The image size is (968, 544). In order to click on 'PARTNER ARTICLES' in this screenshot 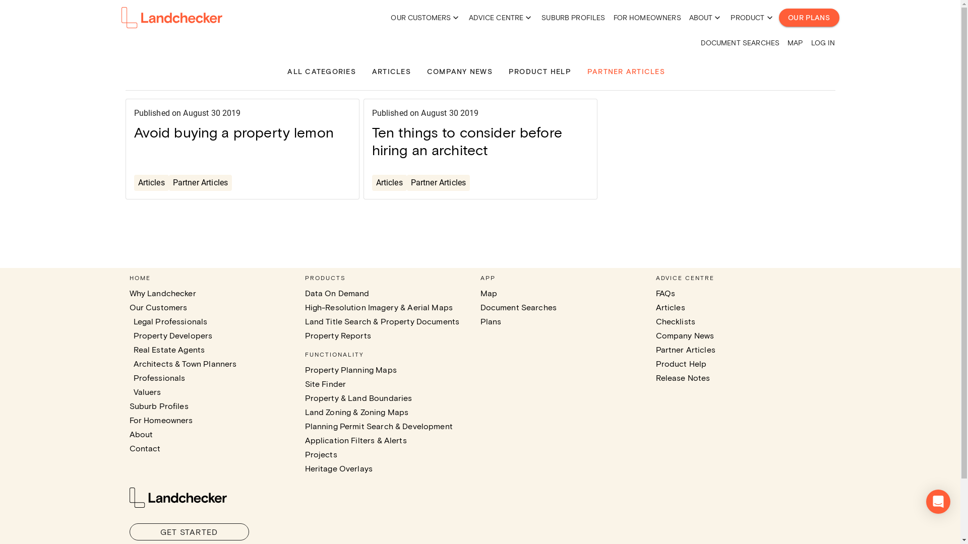, I will do `click(587, 71)`.